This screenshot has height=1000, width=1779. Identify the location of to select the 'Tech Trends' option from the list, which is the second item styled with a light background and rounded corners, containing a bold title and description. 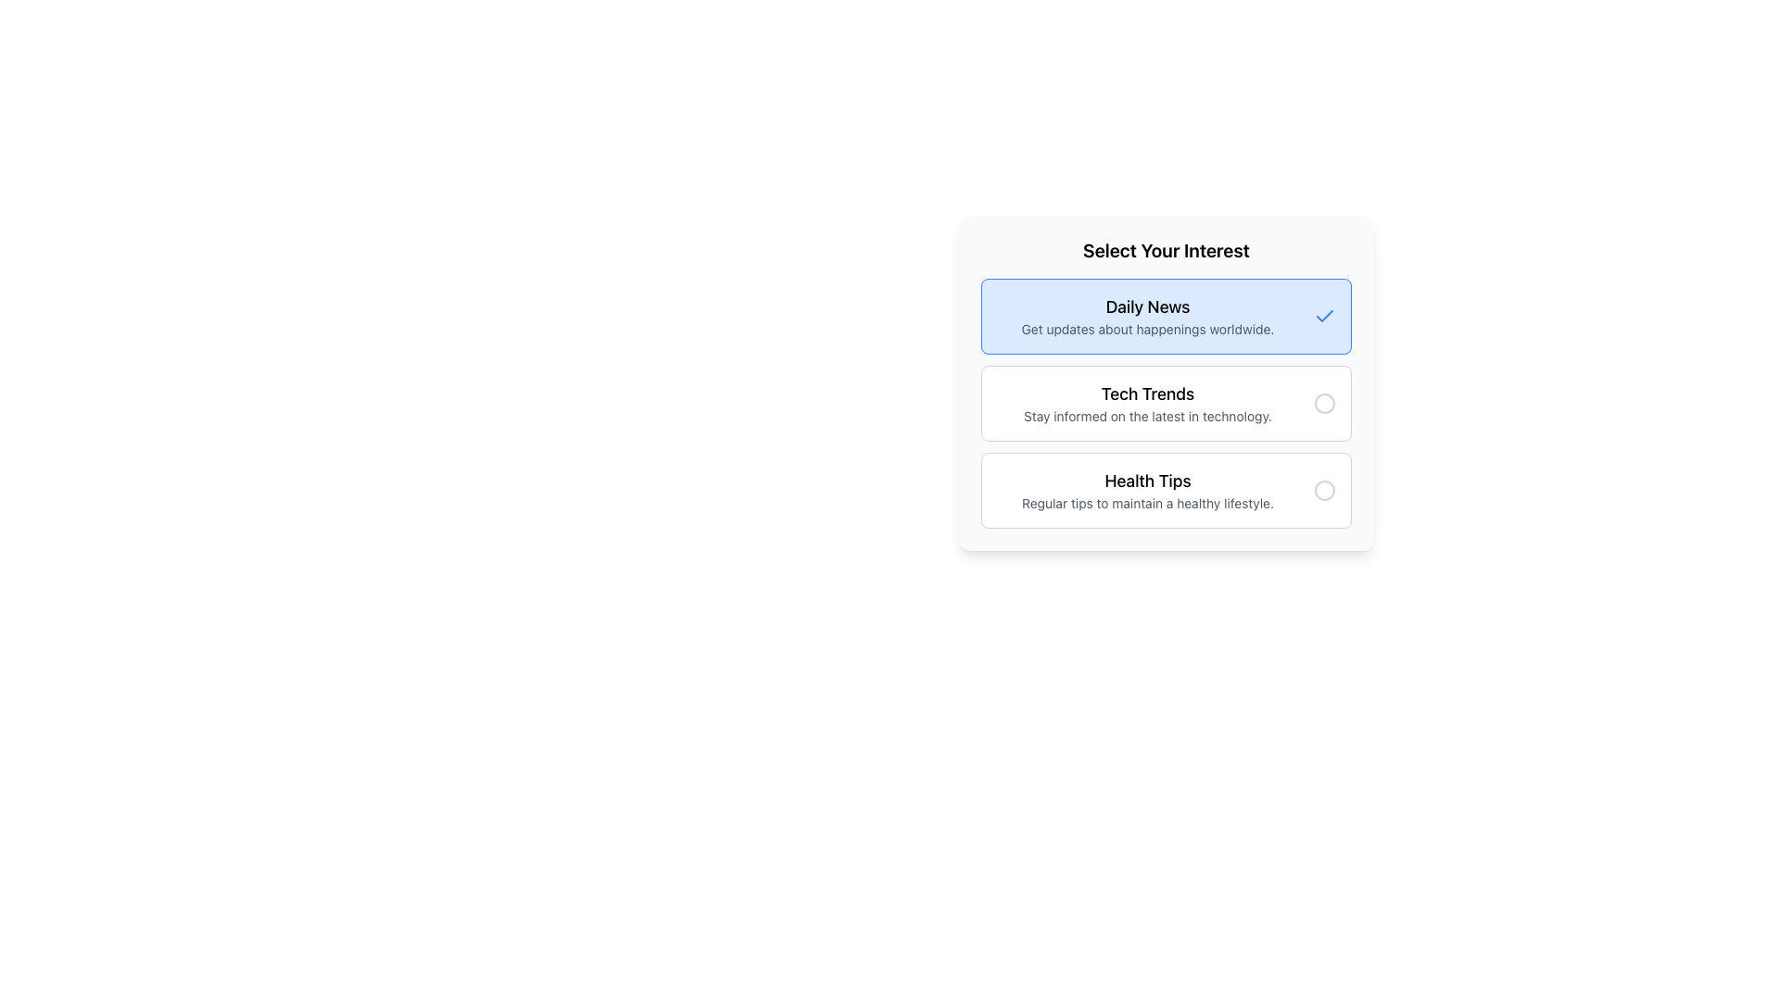
(1165, 381).